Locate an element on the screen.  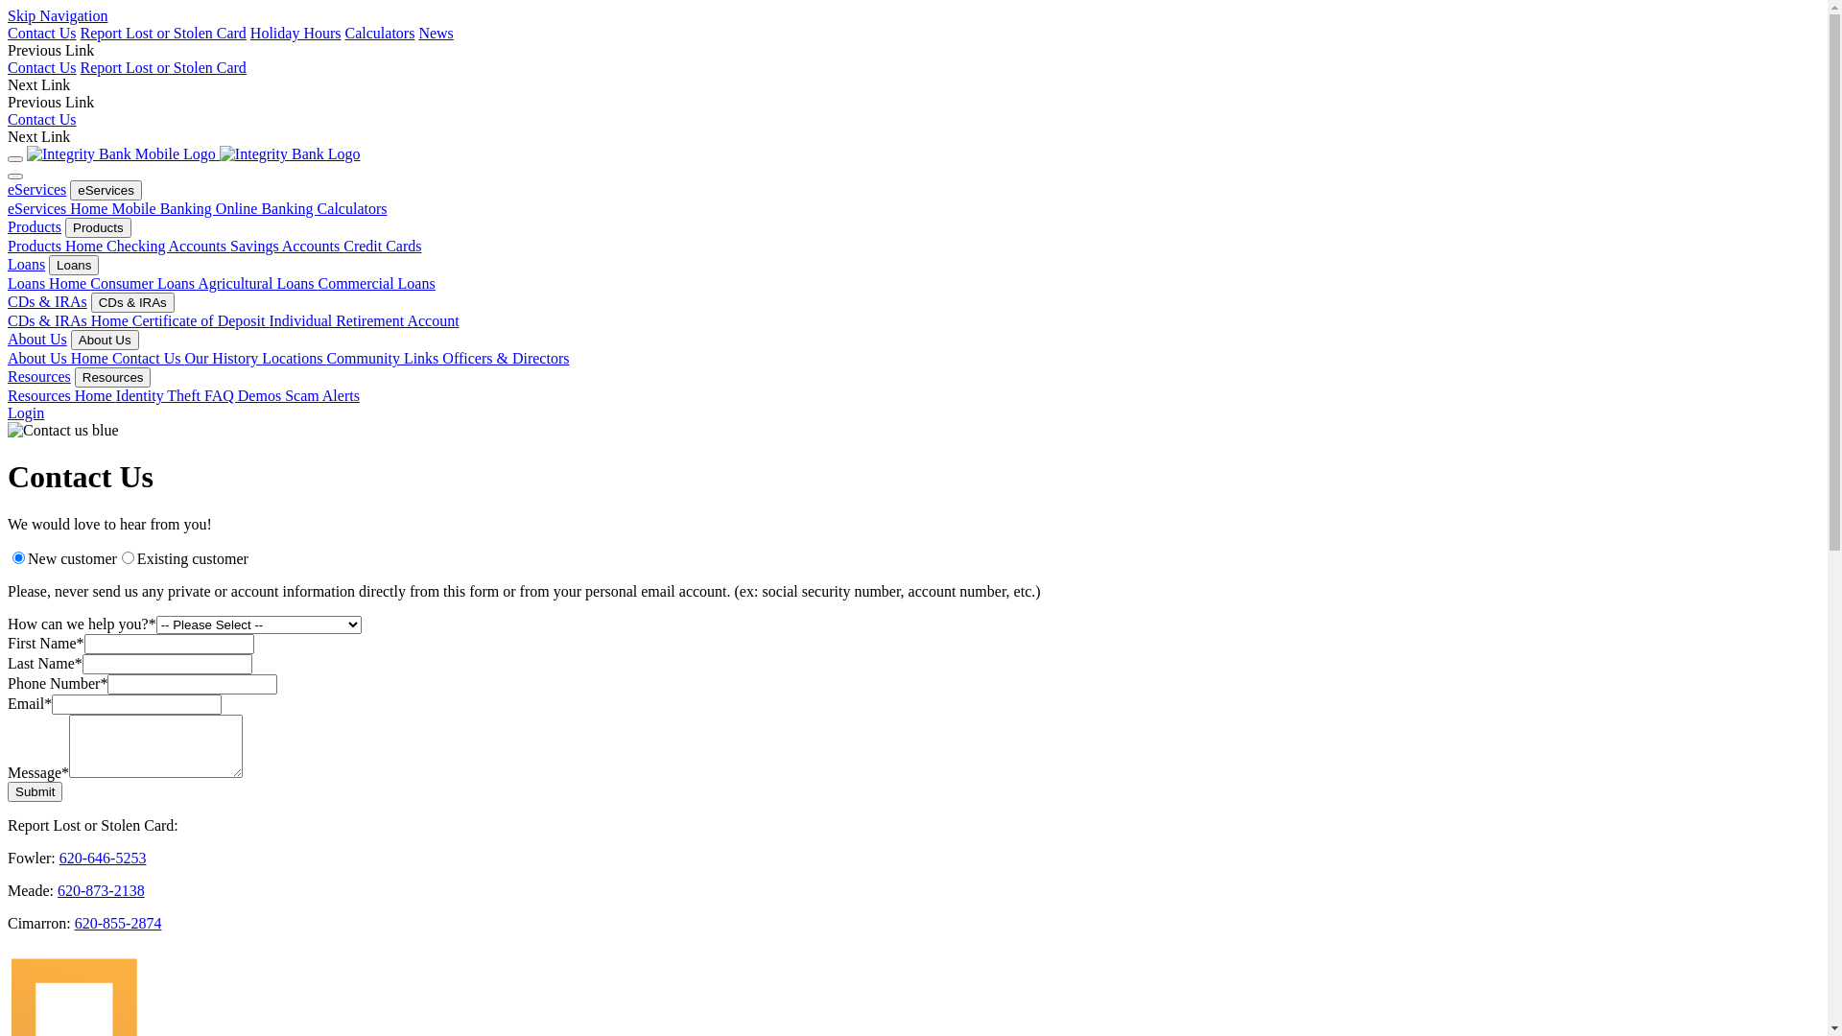
'Contact Us' is located at coordinates (147, 358).